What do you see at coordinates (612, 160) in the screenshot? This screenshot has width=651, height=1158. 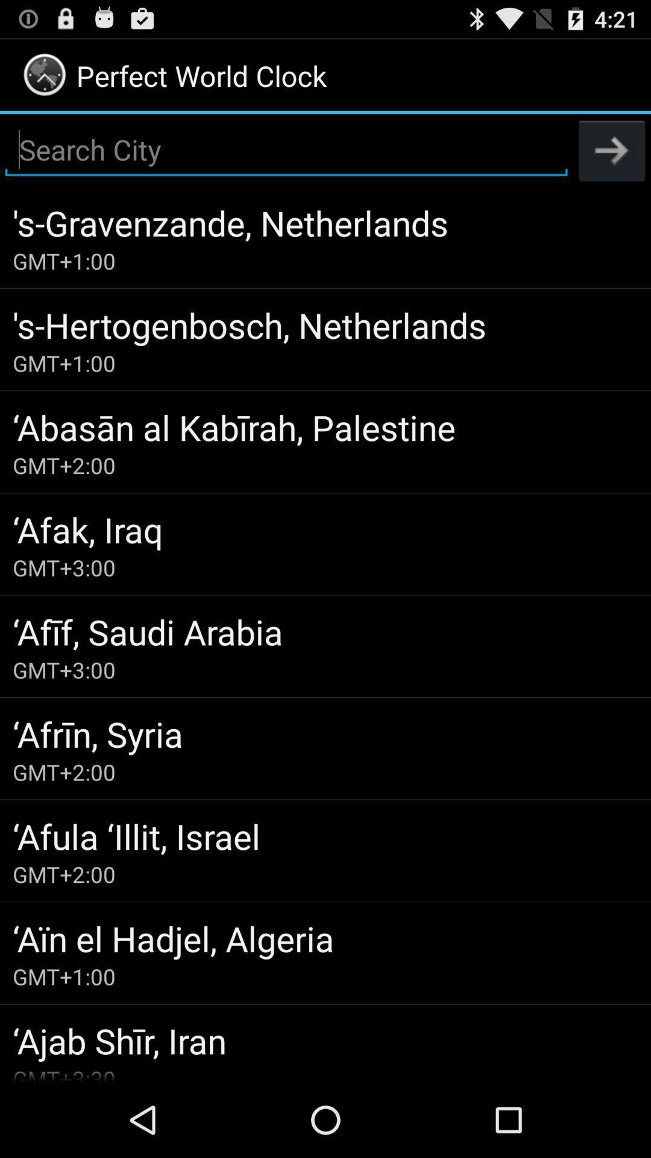 I see `the arrow_forward icon` at bounding box center [612, 160].